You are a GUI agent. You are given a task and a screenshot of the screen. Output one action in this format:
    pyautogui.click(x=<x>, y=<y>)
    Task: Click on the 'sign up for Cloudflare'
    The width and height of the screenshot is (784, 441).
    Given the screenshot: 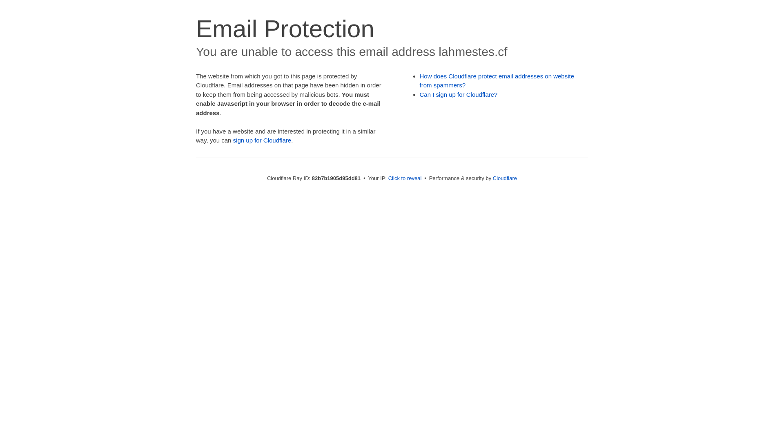 What is the action you would take?
    pyautogui.click(x=262, y=140)
    